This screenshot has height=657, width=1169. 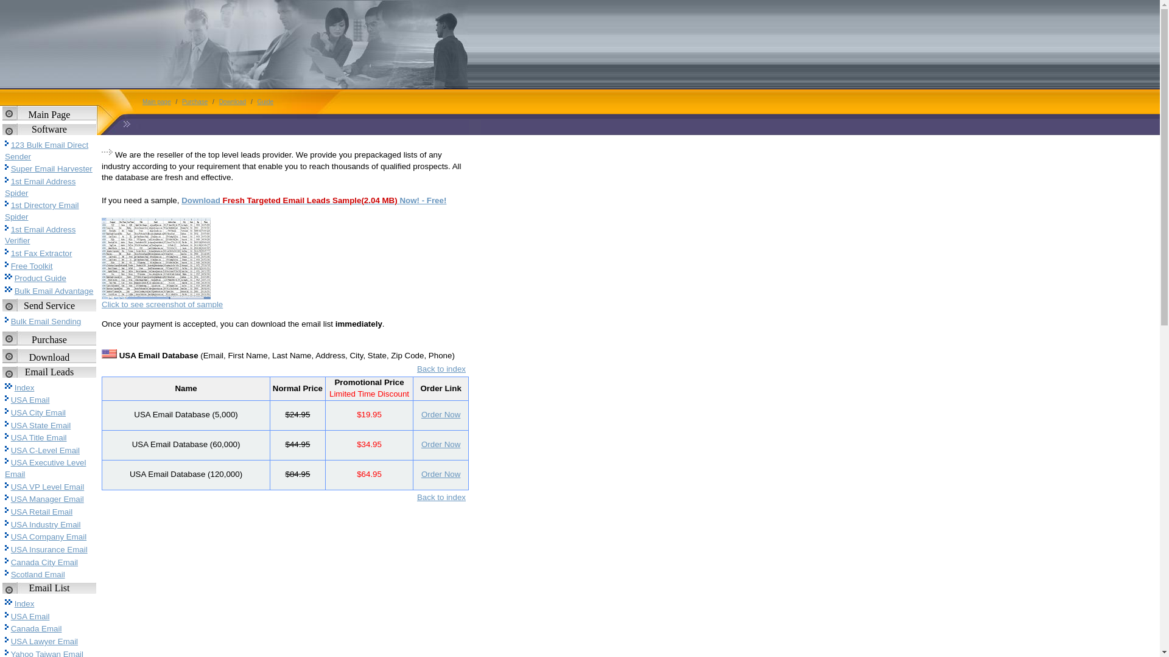 I want to click on 'USA Company Email', so click(x=49, y=536).